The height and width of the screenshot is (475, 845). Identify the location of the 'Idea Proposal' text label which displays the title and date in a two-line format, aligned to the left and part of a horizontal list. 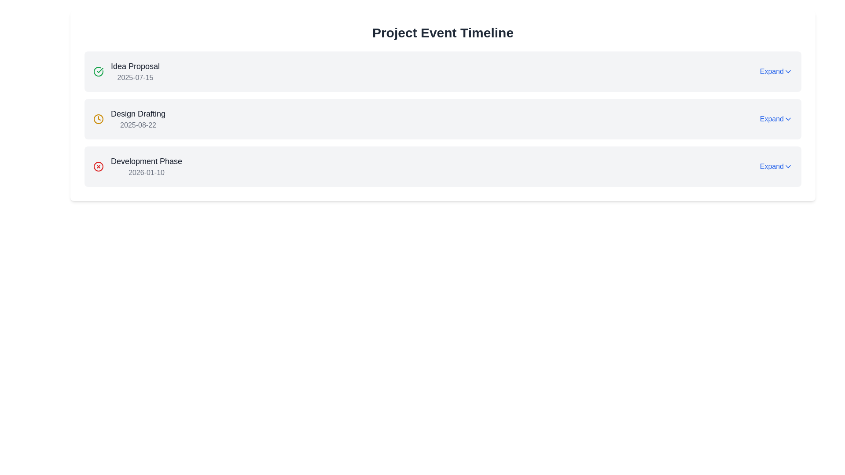
(135, 71).